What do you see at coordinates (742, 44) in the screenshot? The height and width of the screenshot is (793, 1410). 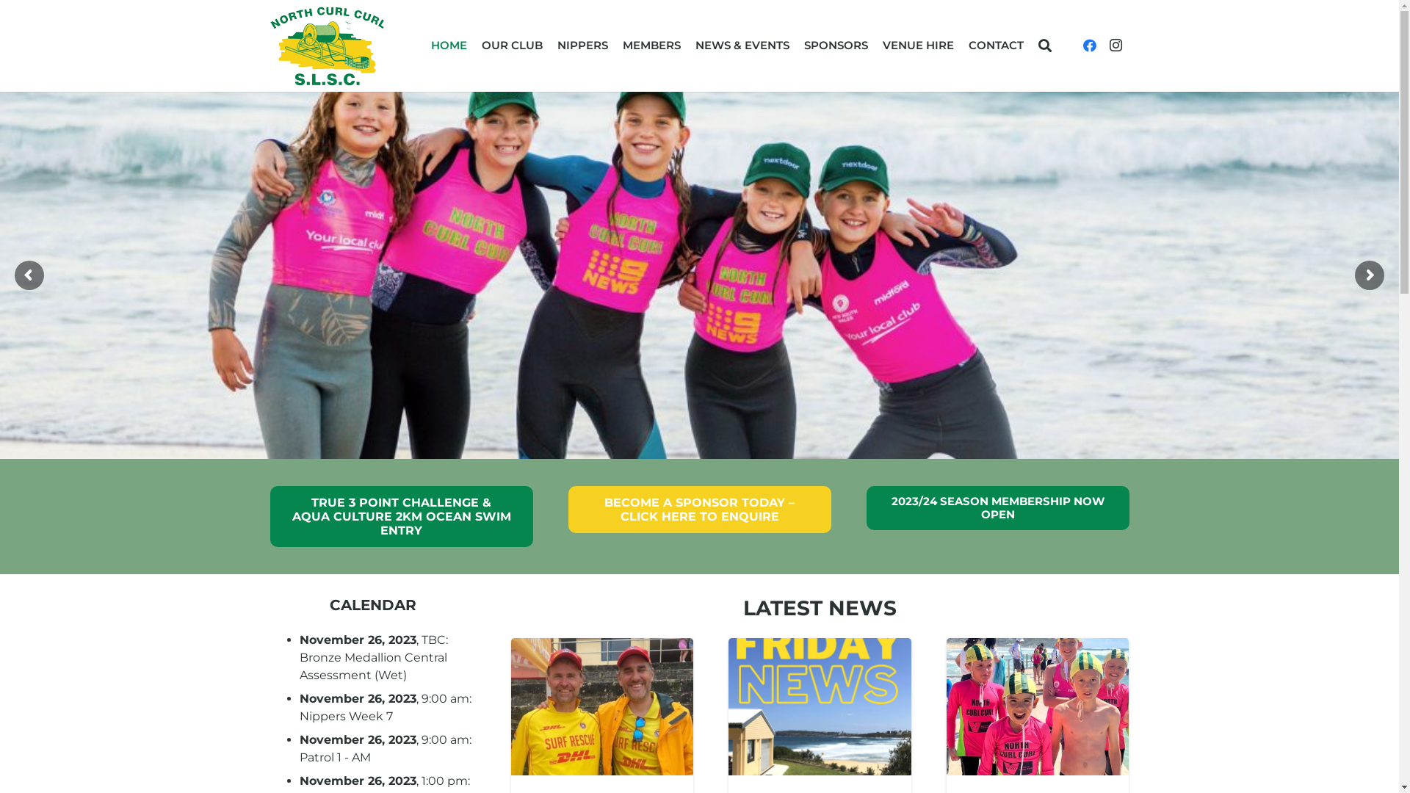 I see `'NEWS & EVENTS'` at bounding box center [742, 44].